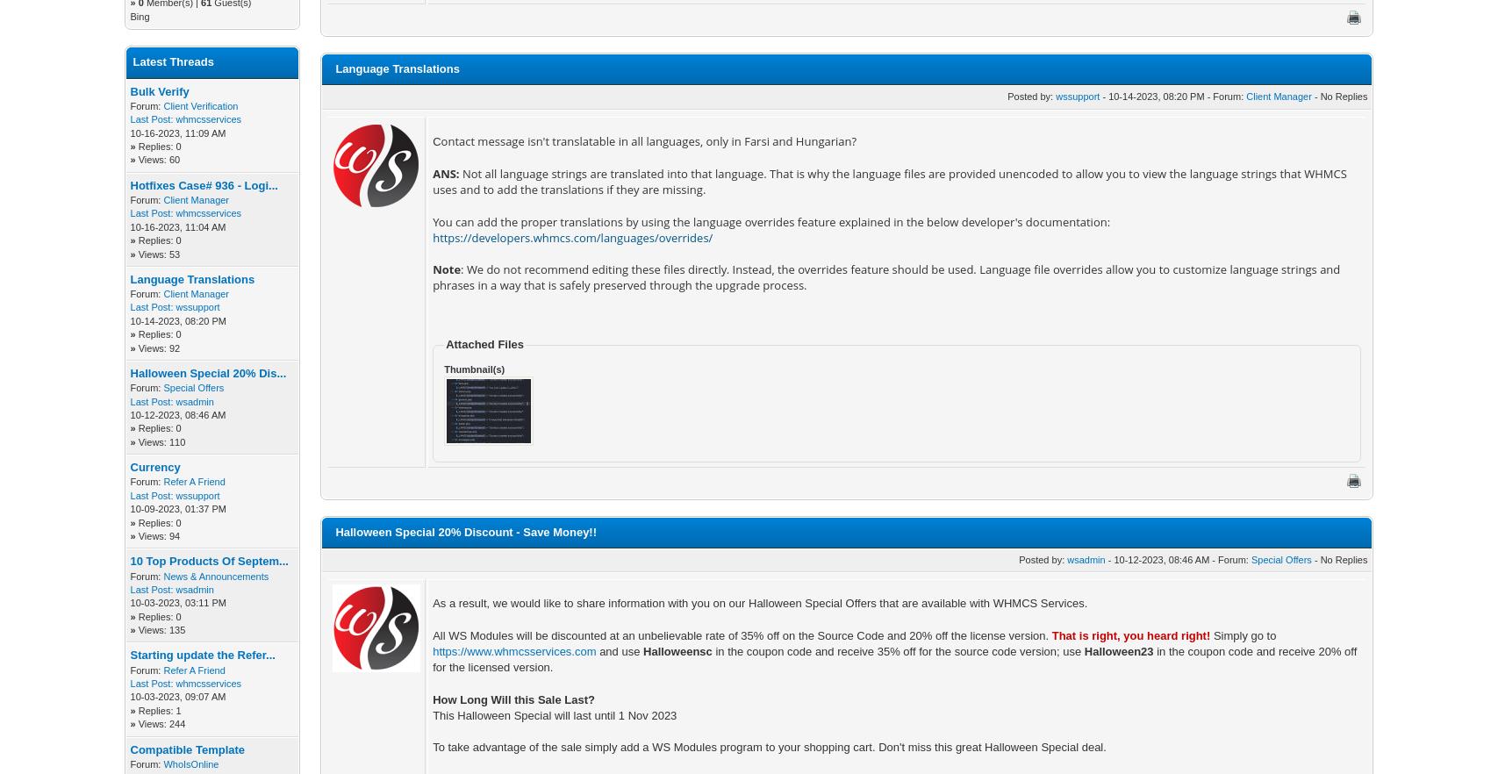  What do you see at coordinates (742, 634) in the screenshot?
I see `'All WS Modules will be discounted at an unbelievable rate of 35% off on the Source Code and 20% off the license version.'` at bounding box center [742, 634].